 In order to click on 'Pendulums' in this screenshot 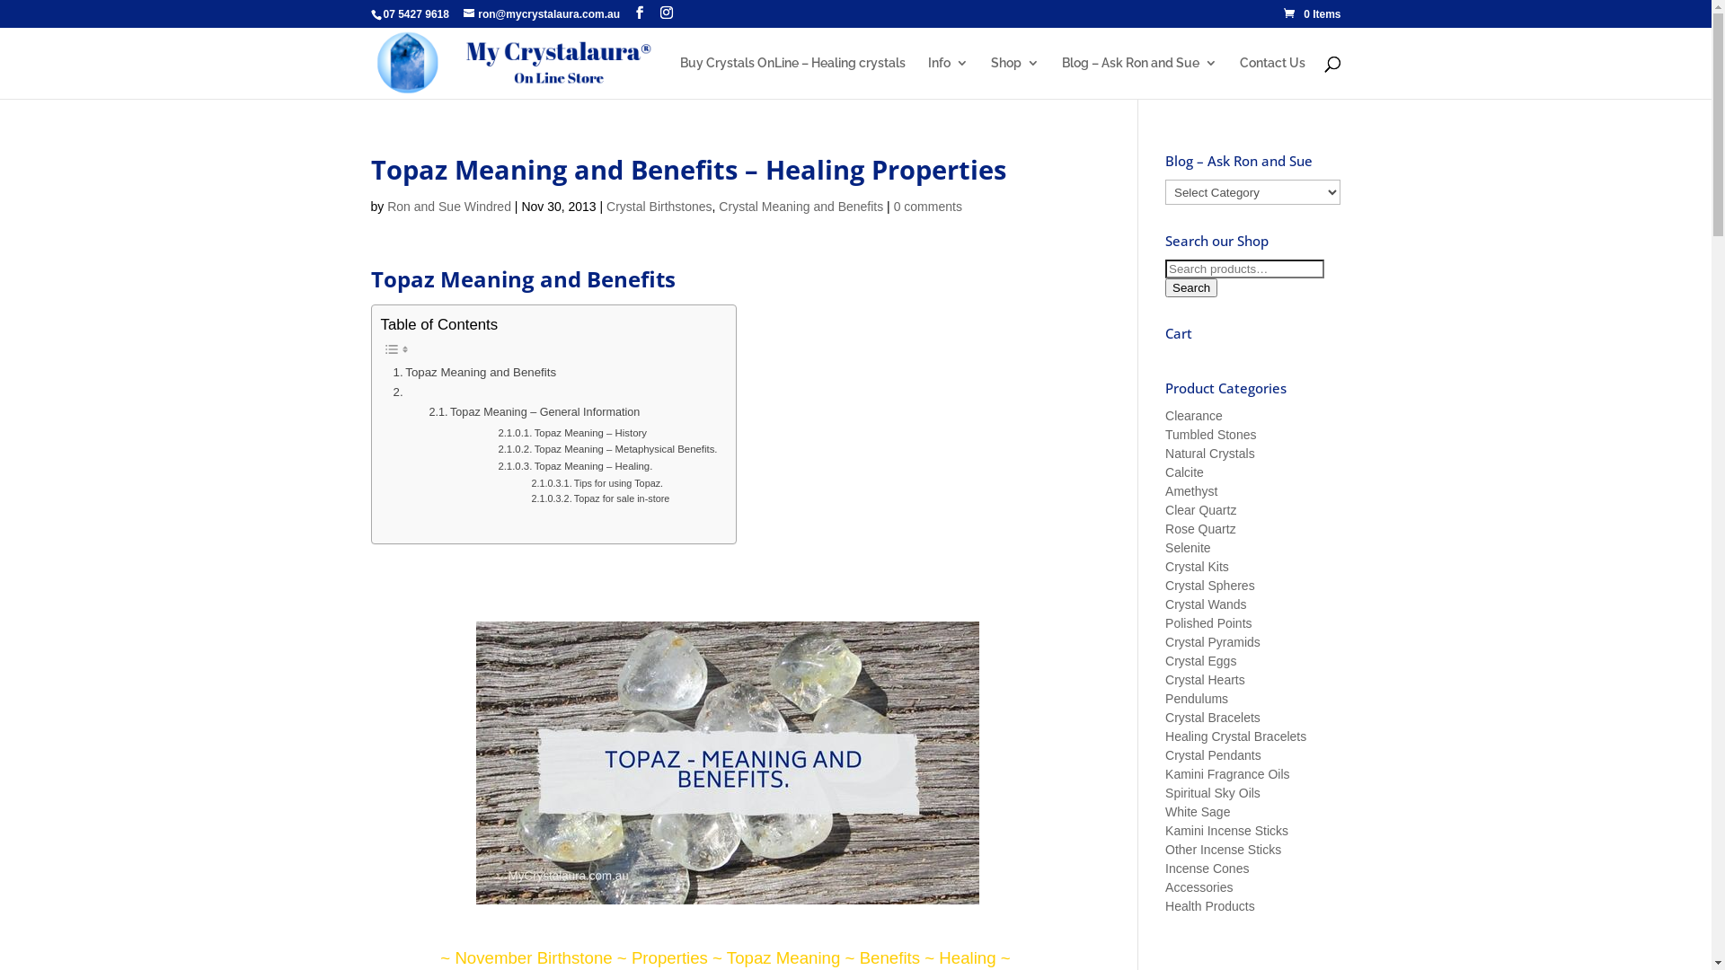, I will do `click(1164, 698)`.